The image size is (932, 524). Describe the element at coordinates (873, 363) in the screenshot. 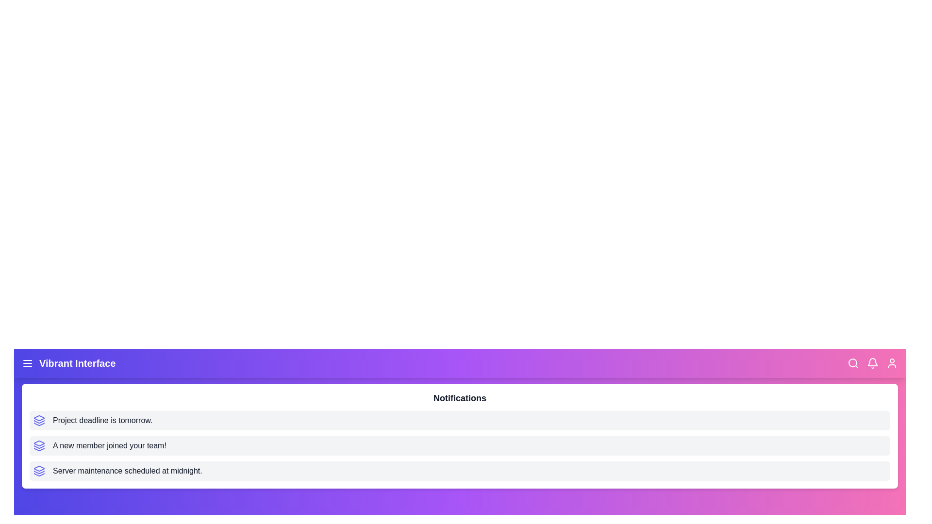

I see `the bell icon to view notifications` at that location.